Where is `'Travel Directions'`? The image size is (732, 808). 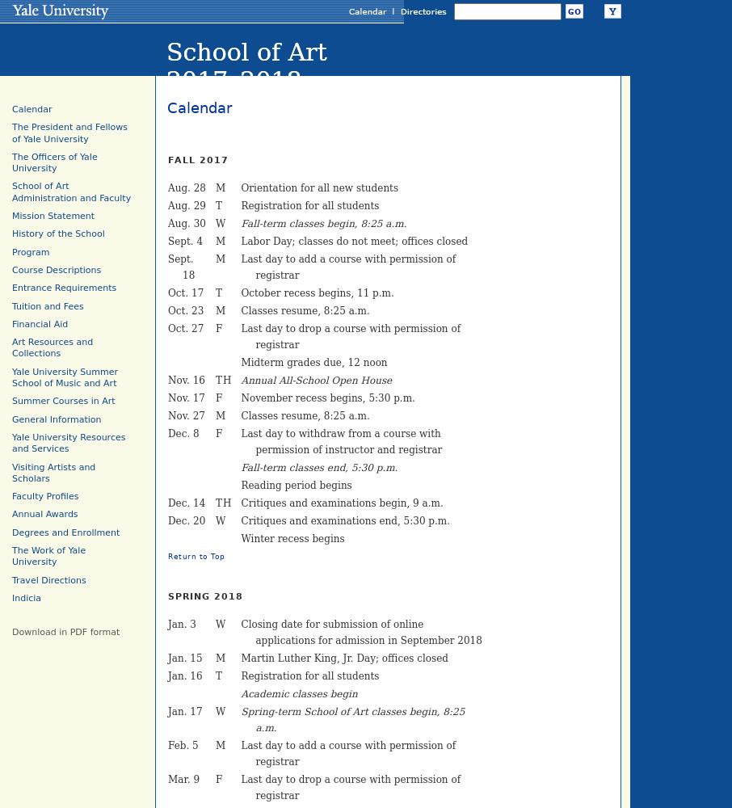
'Travel Directions' is located at coordinates (48, 579).